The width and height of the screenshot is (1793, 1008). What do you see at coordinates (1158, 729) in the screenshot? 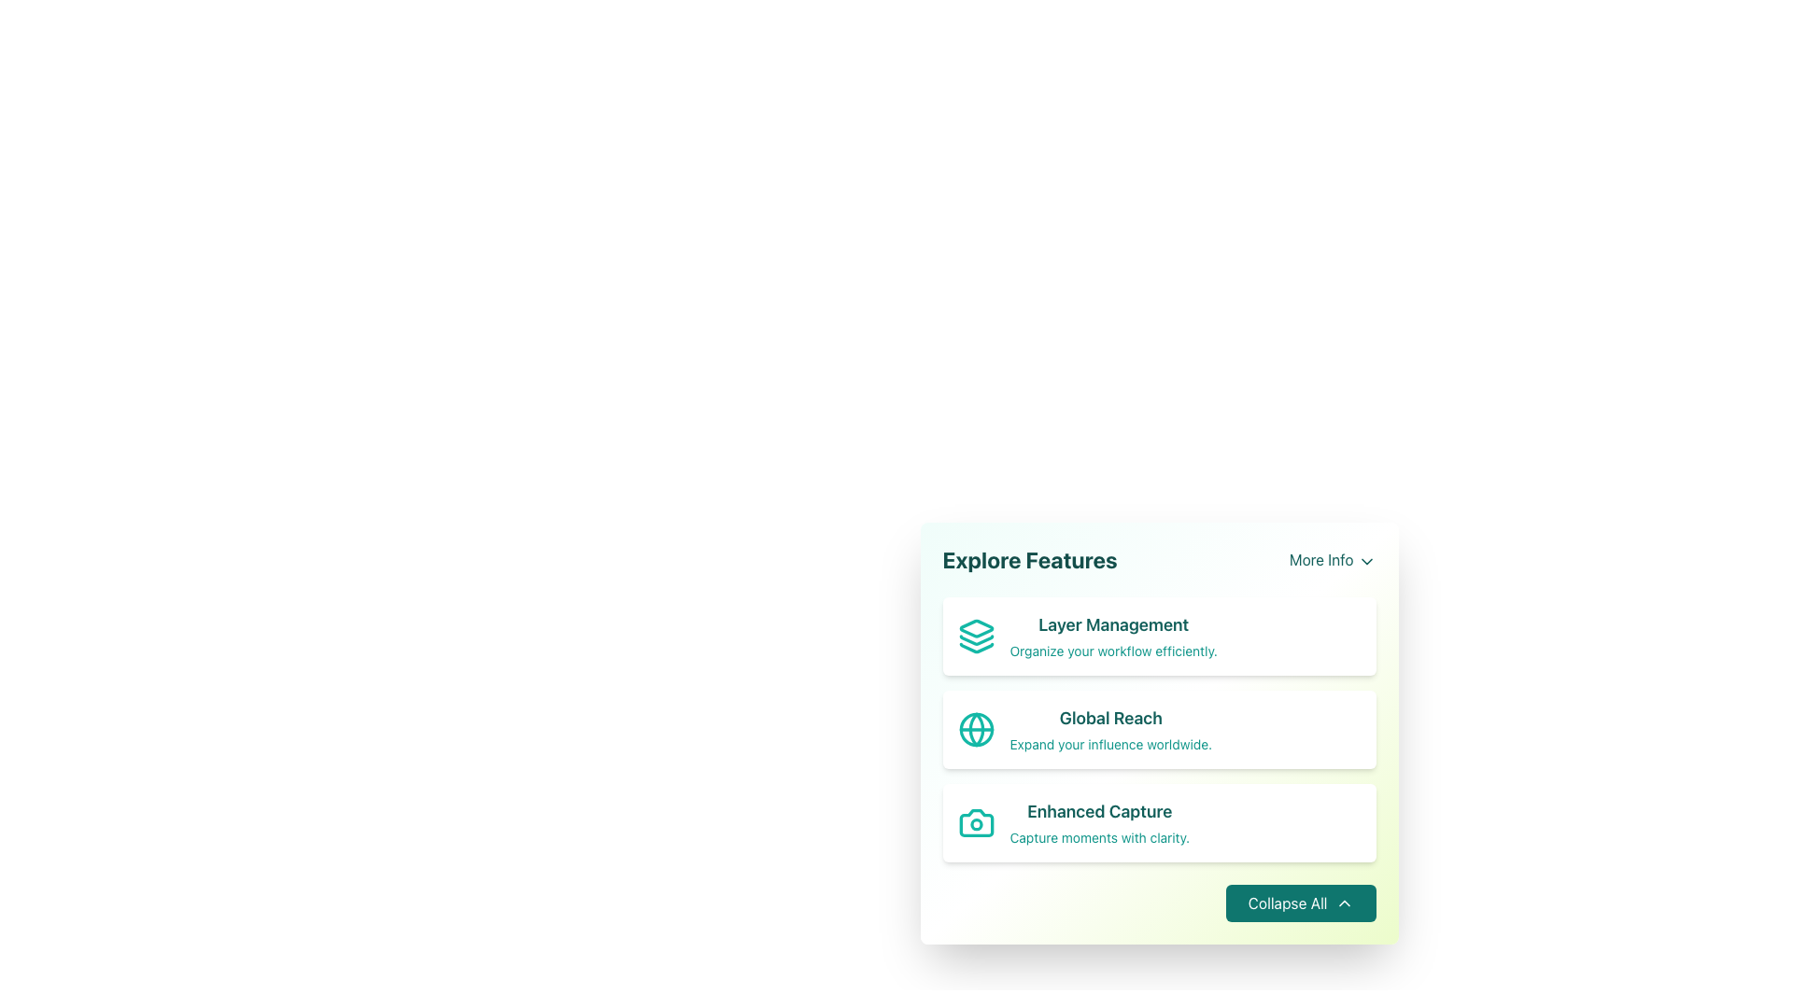
I see `information presented in the 'Global Reach' feature card, which is the second card in the list under 'Explore Features'` at bounding box center [1158, 729].